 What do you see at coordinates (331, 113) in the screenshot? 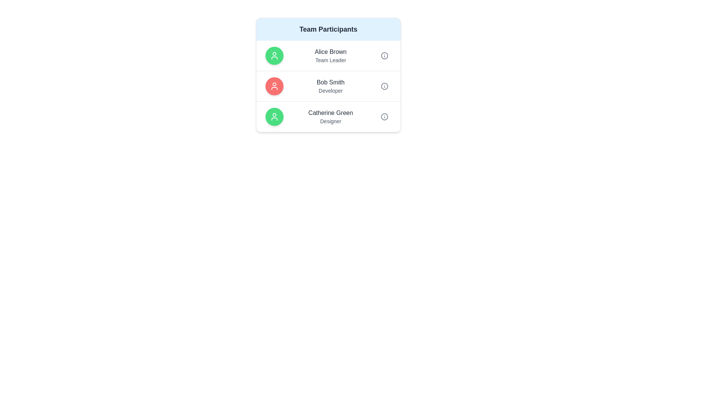
I see `the text element displaying 'Catherine Green', which is the first line of text in the third row of participants within the Team Participants section` at bounding box center [331, 113].